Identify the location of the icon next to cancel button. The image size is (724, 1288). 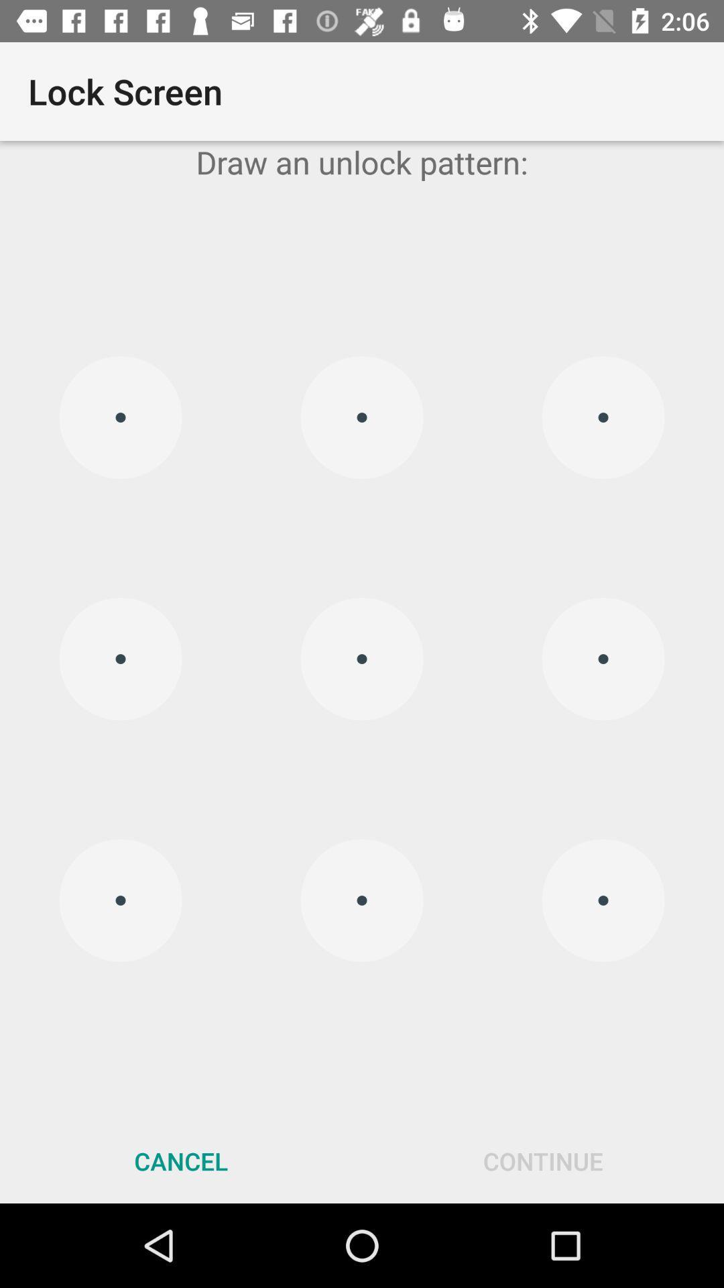
(543, 1161).